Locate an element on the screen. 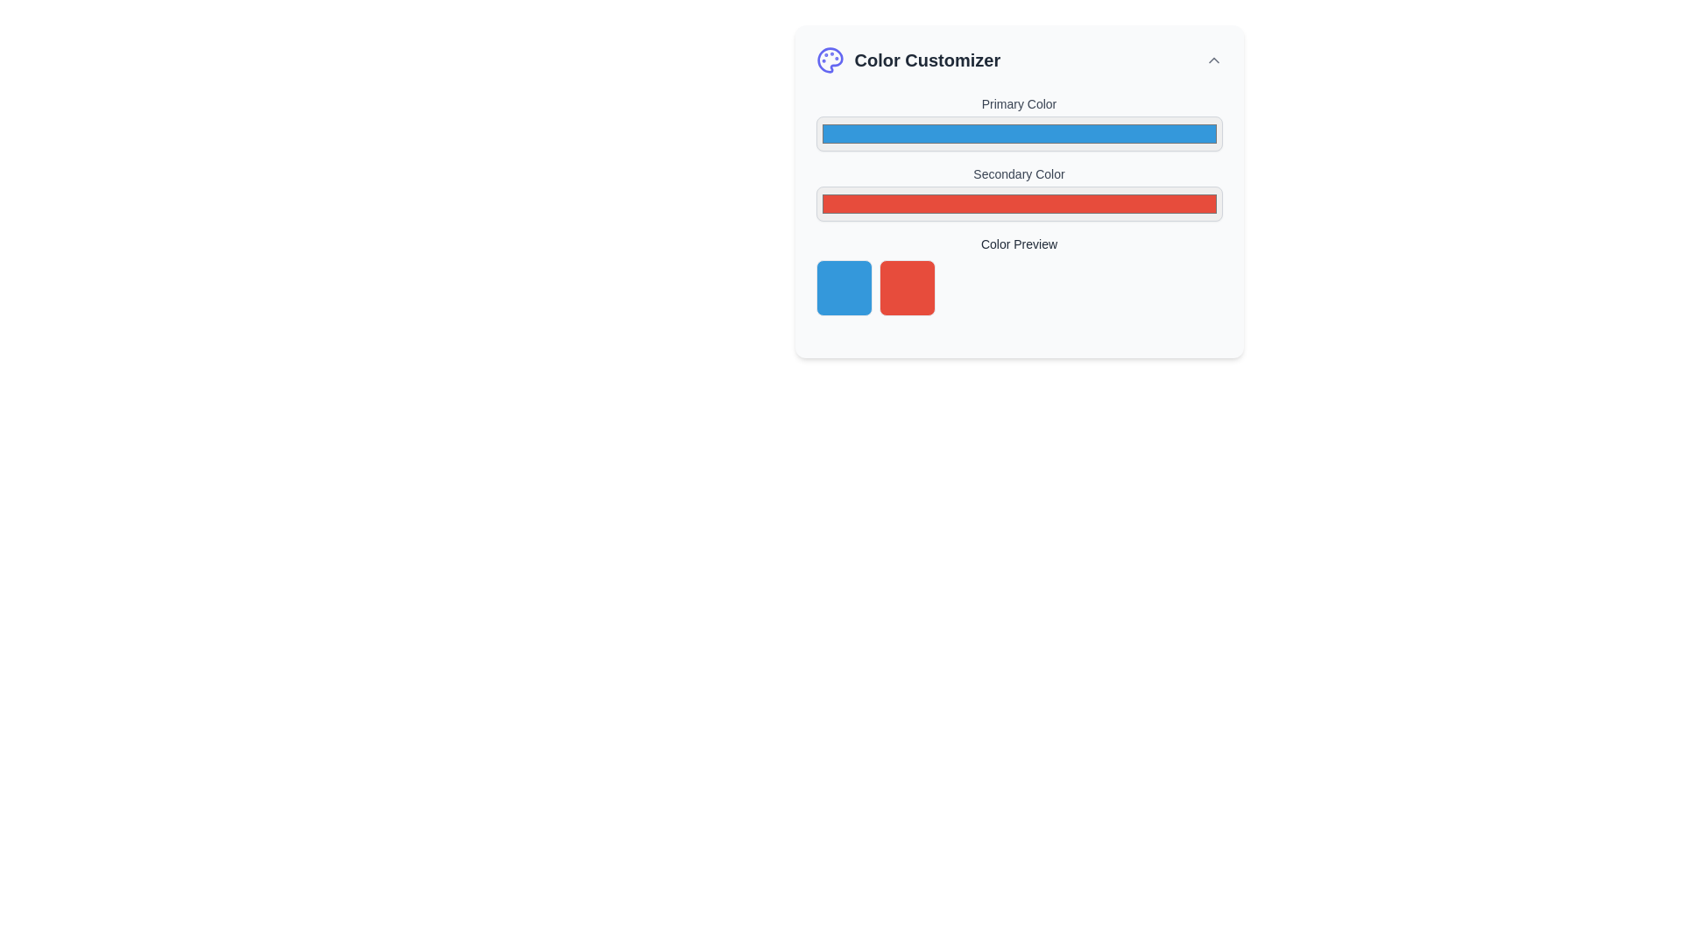 The image size is (1682, 946). the Color preview box, which visually represents the selected secondary color in the color customizer interface, located to the right of the blue square is located at coordinates (907, 286).